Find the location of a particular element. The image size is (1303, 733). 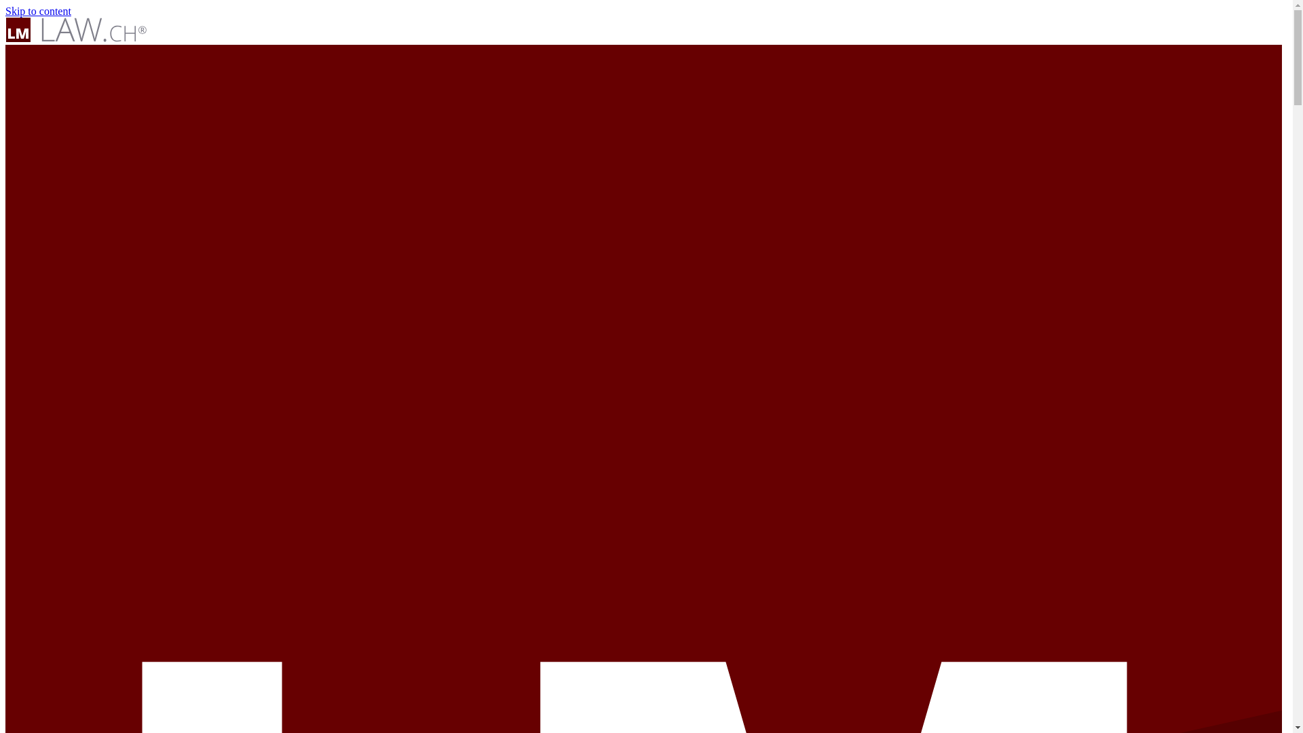

'Skip to content' is located at coordinates (38, 11).